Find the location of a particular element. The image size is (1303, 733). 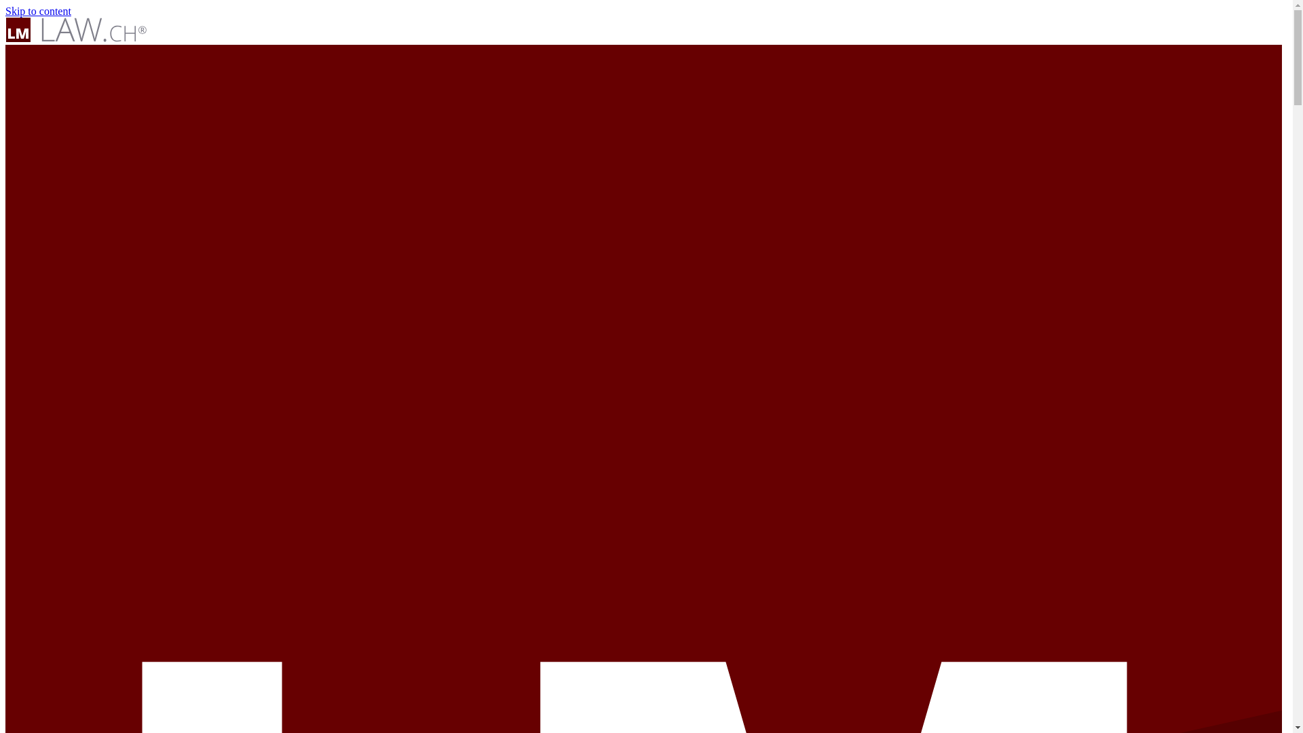

'Skip to content' is located at coordinates (38, 11).